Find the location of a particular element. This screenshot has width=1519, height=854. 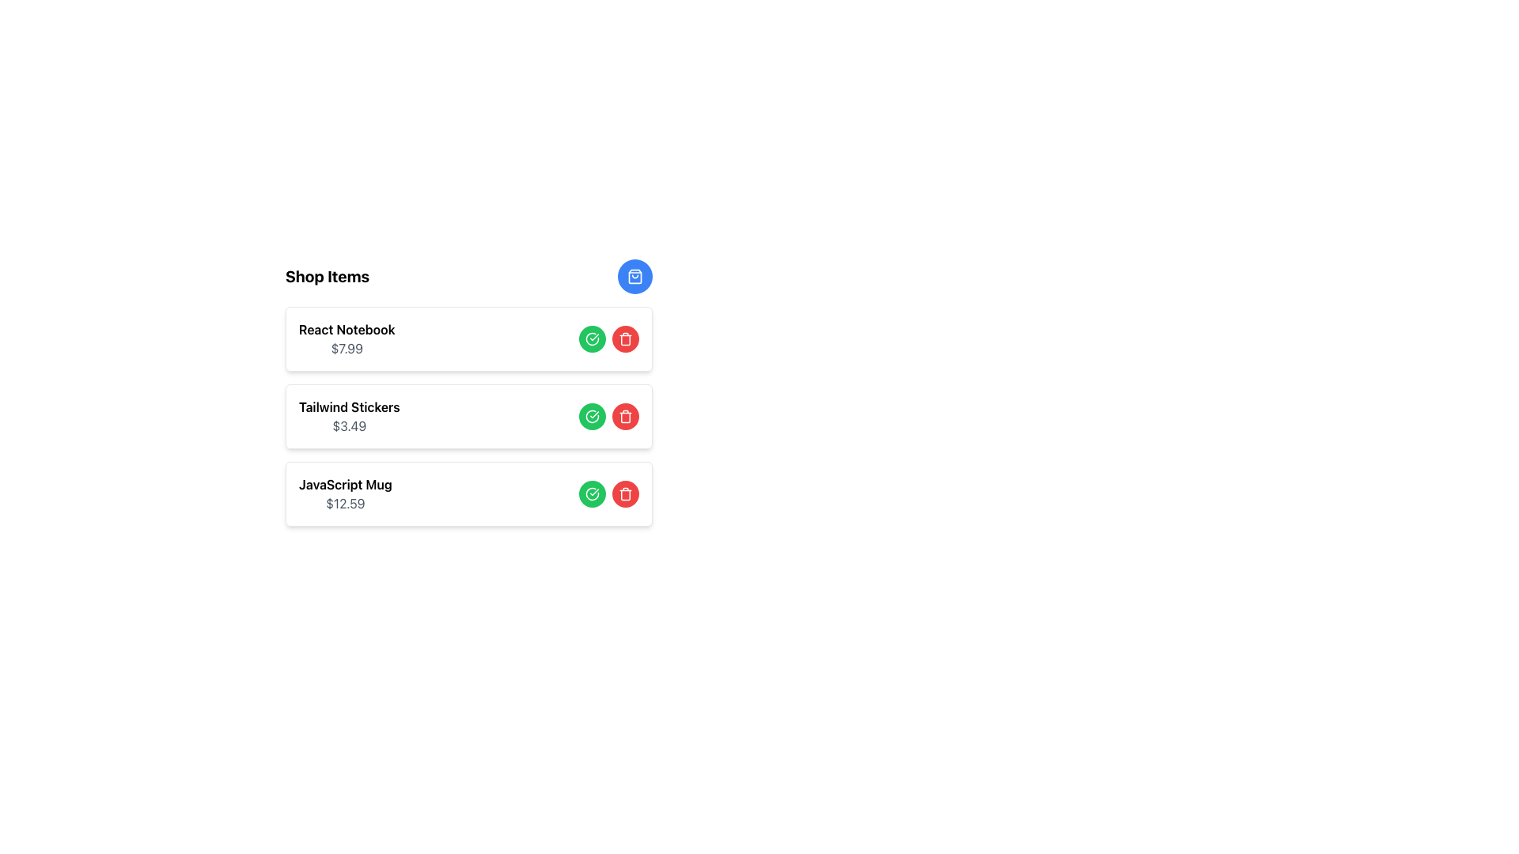

the confirmation icon located in the second list item labeled 'Tailwind Stickers' priced at '$3.49', which is positioned on the right-hand side, closer to the vertical center is located at coordinates (591, 416).